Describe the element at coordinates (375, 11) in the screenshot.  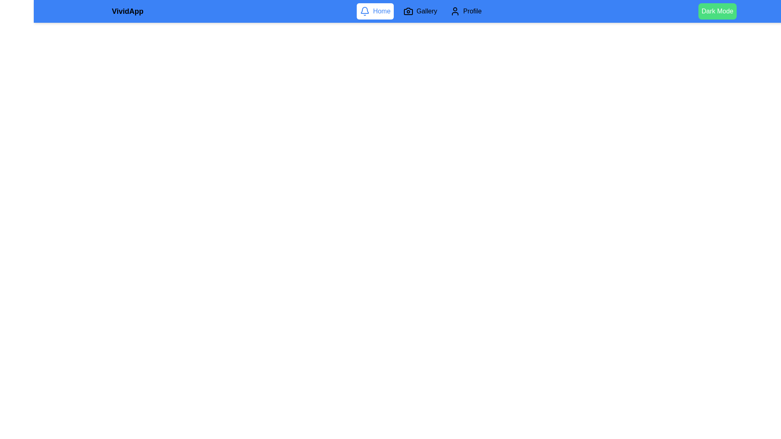
I see `the Home tab to navigate` at that location.